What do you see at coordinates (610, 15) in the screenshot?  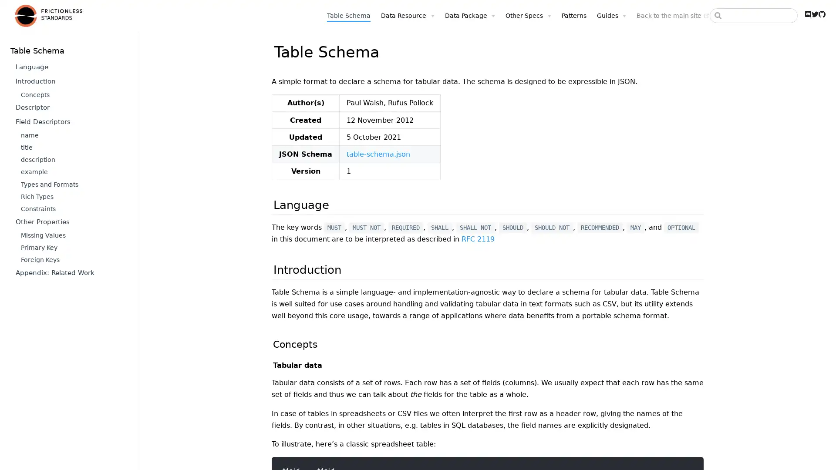 I see `Guides` at bounding box center [610, 15].